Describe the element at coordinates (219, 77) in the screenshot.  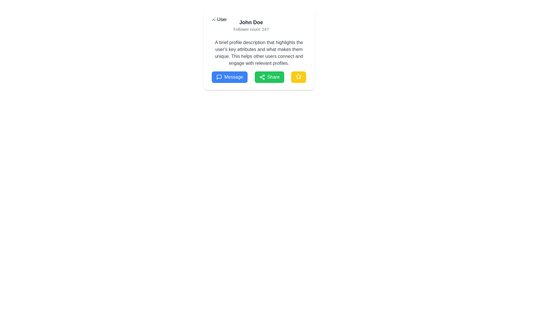
I see `the blue rectangular 'Message' button that contains the chat bubble icon, which is the first icon from the left in the row of action buttons` at that location.